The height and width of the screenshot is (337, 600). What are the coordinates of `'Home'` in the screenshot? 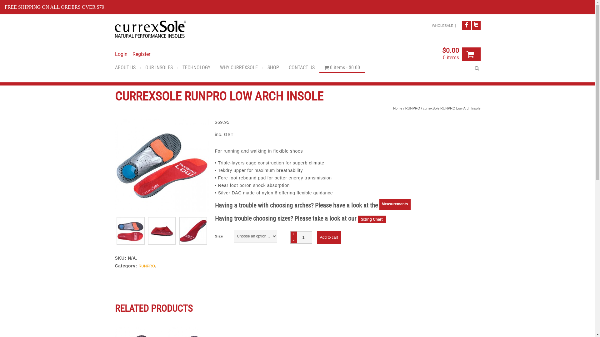 It's located at (397, 108).